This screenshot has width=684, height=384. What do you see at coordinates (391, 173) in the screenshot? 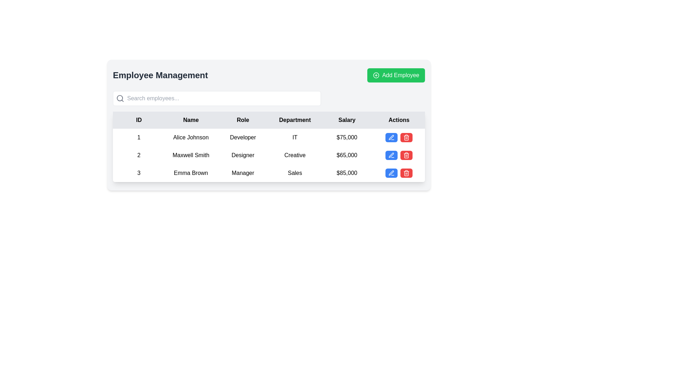
I see `the pen tool icon in the 'Actions' column of the third row in the employee data management interface to invoke editing` at bounding box center [391, 173].